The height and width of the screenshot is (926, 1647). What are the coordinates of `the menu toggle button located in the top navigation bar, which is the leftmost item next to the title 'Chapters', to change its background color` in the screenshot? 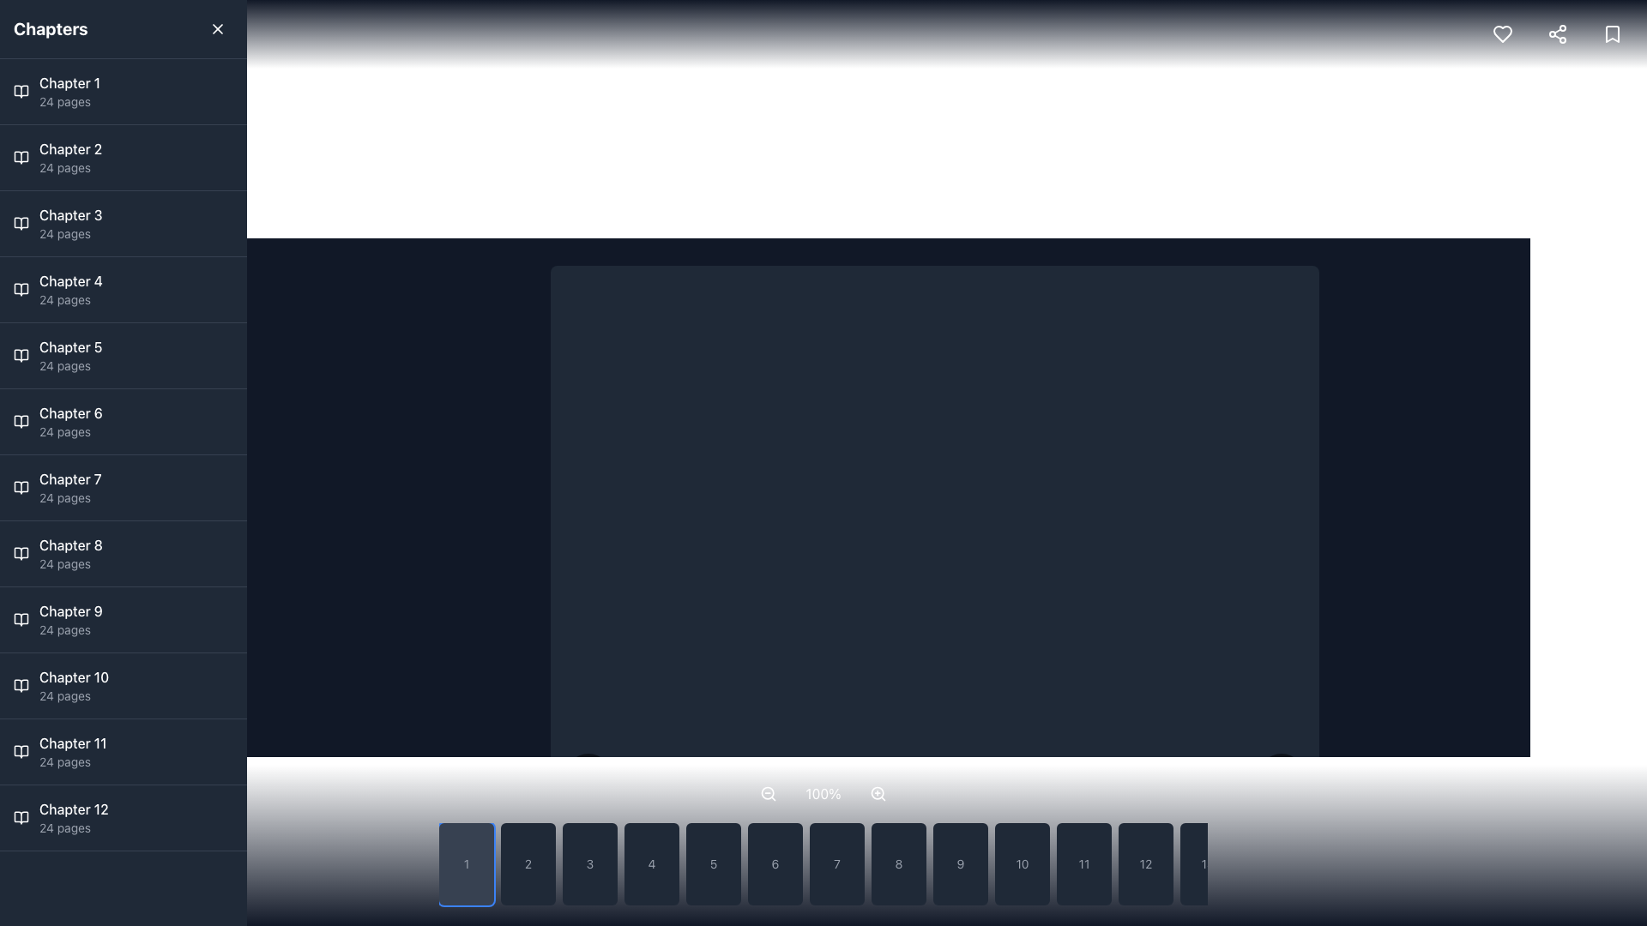 It's located at (33, 33).